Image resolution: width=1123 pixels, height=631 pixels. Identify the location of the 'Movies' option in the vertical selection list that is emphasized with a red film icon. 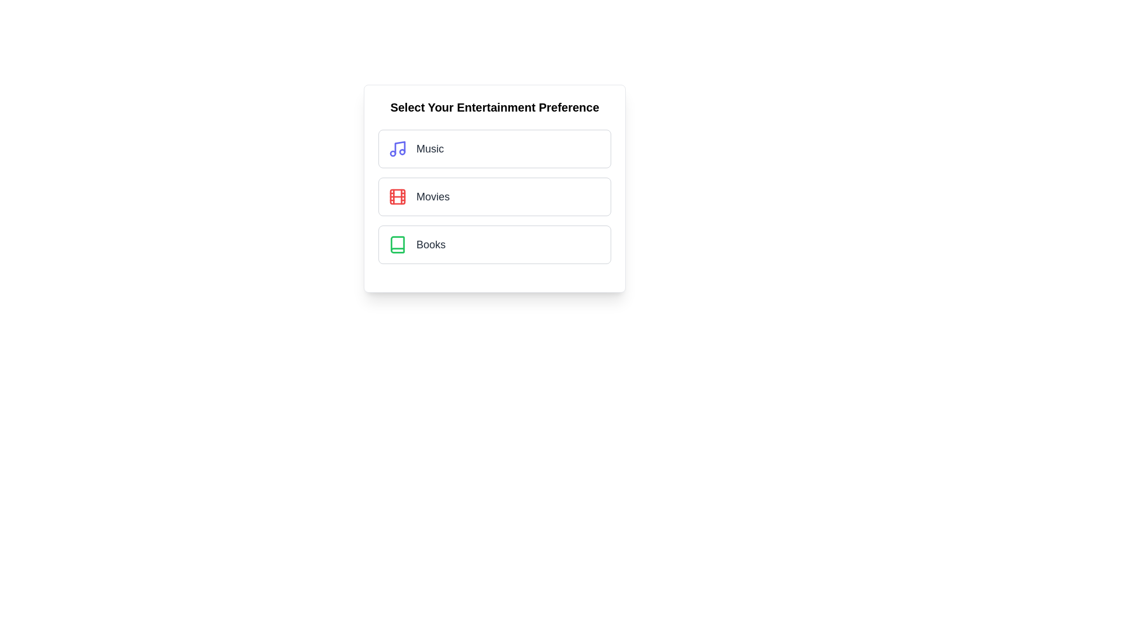
(494, 188).